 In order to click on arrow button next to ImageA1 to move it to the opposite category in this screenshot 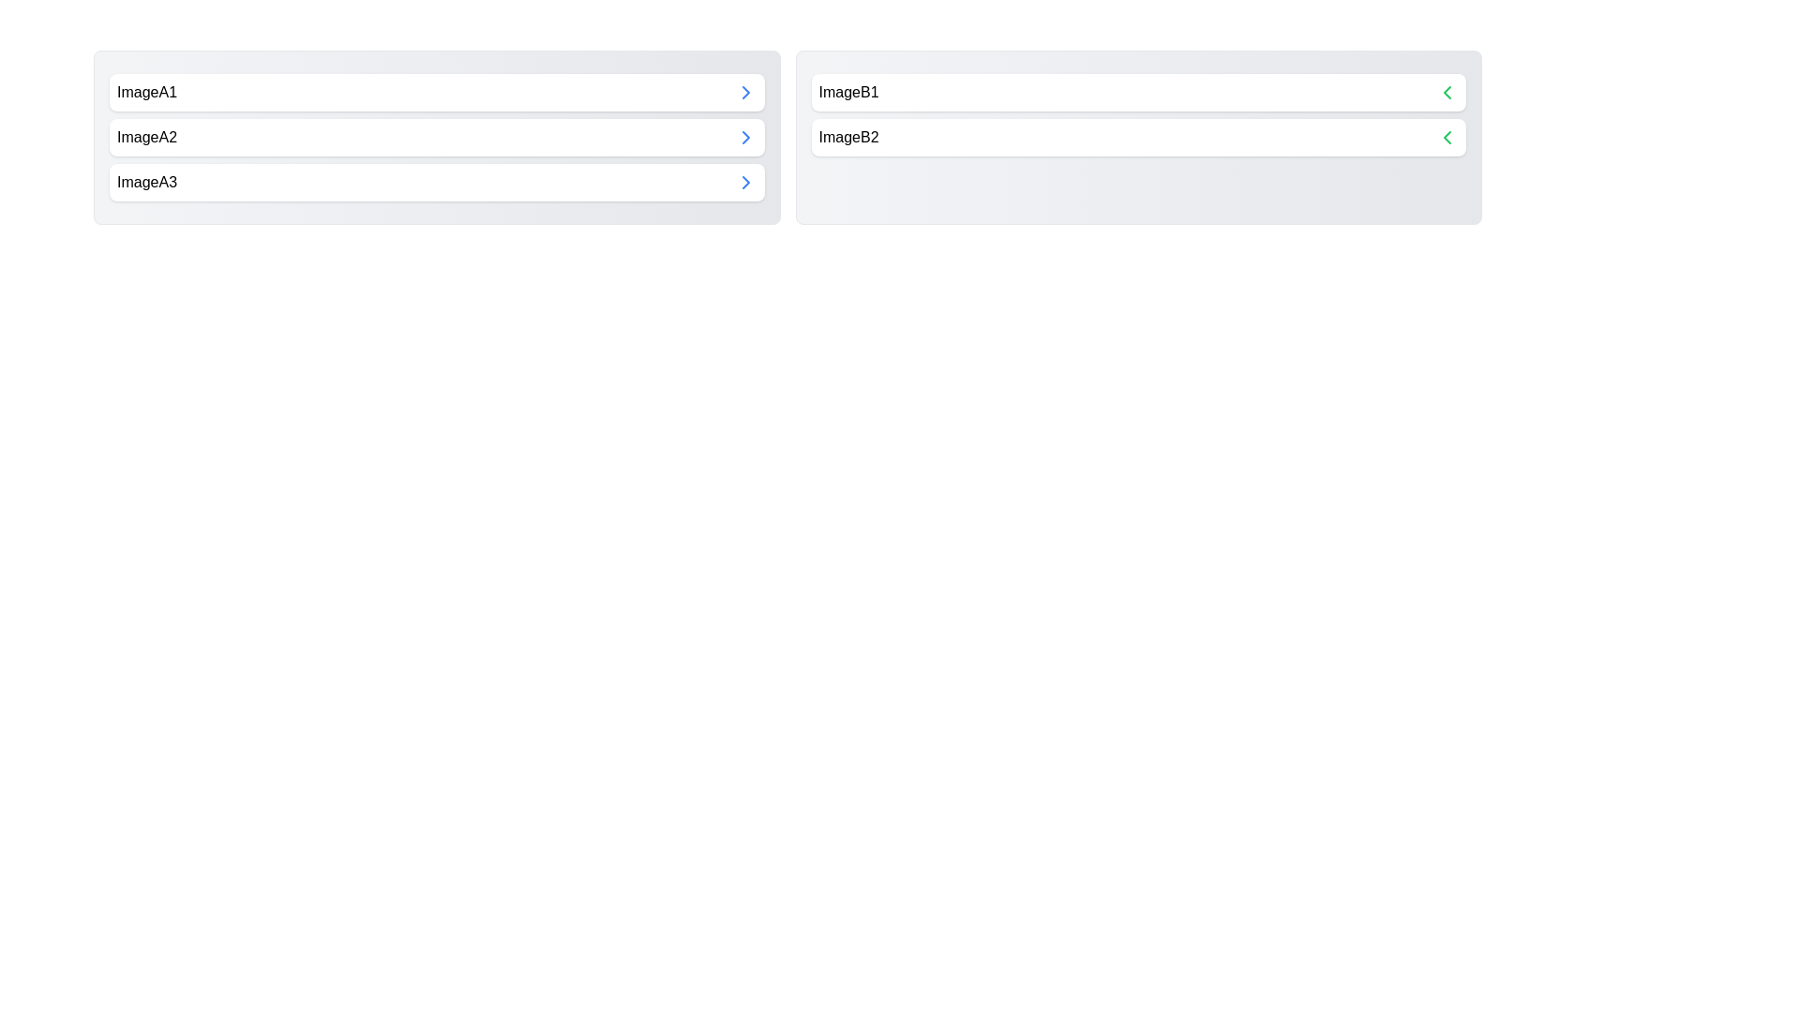, I will do `click(744, 93)`.